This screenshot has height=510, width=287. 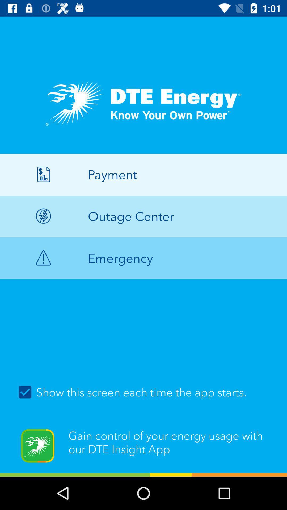 I want to click on the icon below show this screen, so click(x=143, y=449).